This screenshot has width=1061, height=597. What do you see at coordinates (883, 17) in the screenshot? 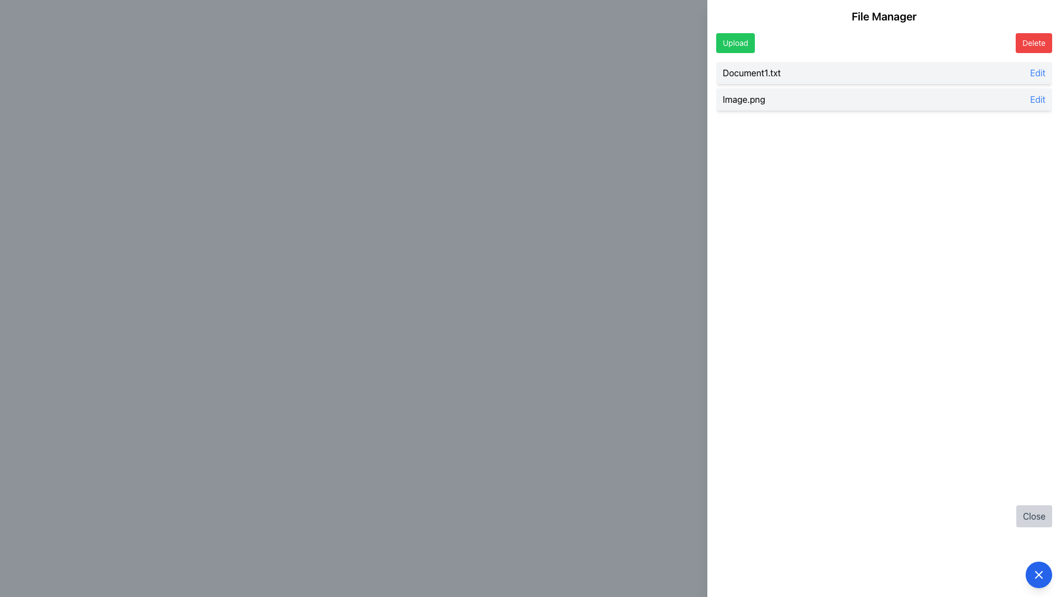
I see `the 'File Manager' text label located at the top of the right white panel, which is styled in a larger bold font and is centered above the 'Upload' and 'Delete' buttons` at bounding box center [883, 17].